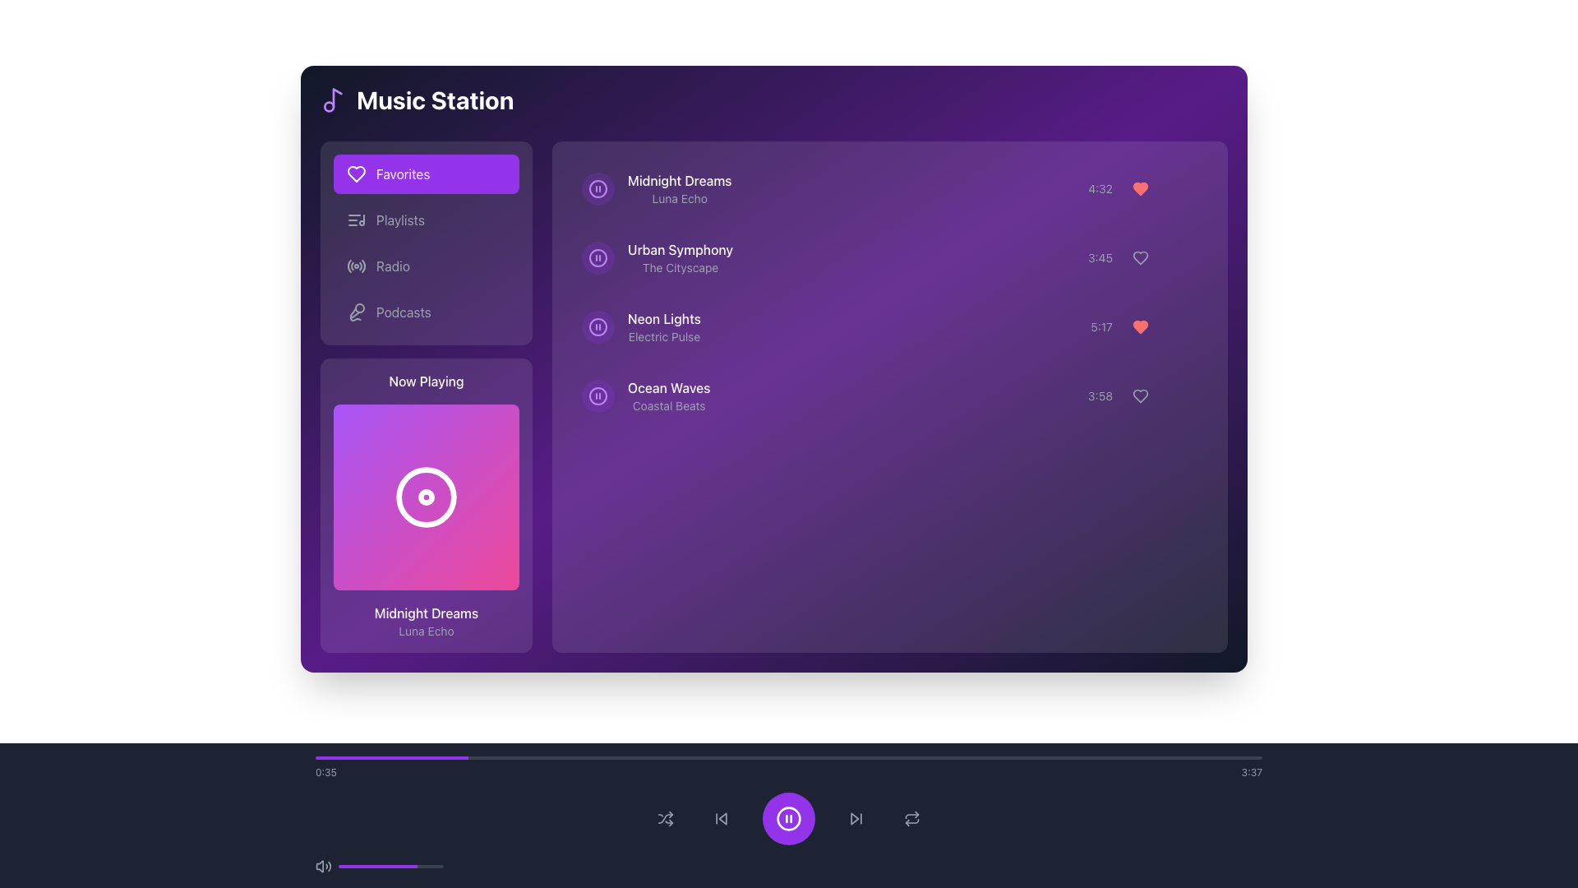 Image resolution: width=1578 pixels, height=888 pixels. What do you see at coordinates (1139, 326) in the screenshot?
I see `the favorite button located in the right middle region of the music station application interface, aligned with the timestamp '5:17' on the third row of the playlist to mark the associated song as a favorite` at bounding box center [1139, 326].